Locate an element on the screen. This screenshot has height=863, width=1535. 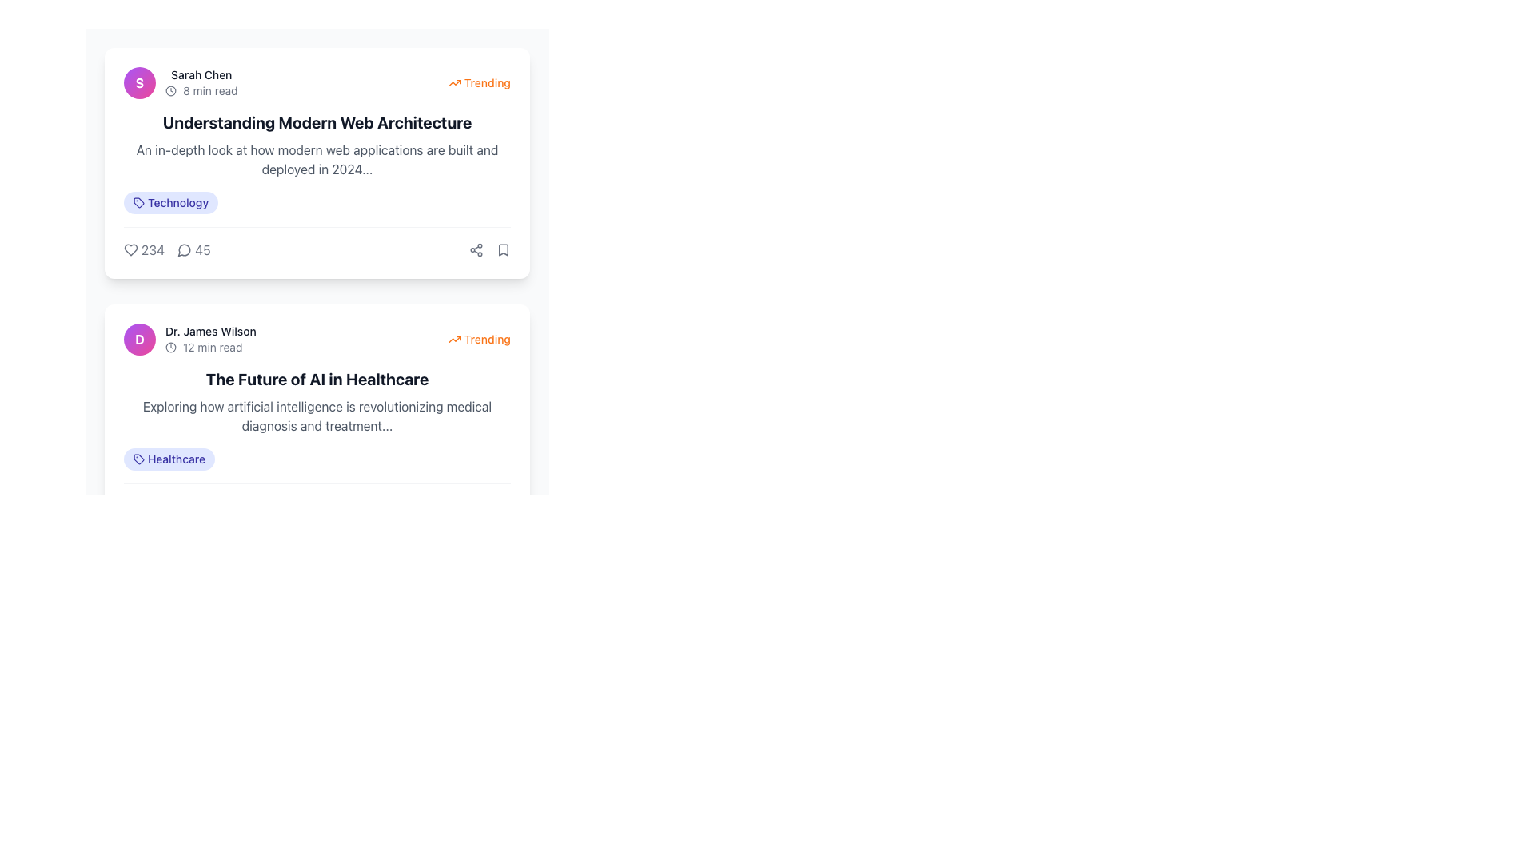
the share icon button located in the upper-right corner of the first article card to initiate sharing is located at coordinates (475, 249).